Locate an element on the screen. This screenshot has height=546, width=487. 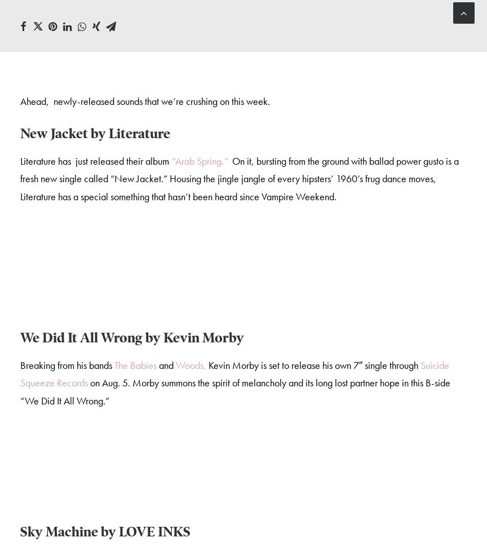
'We Did It All Wrong by Kevin Morby' is located at coordinates (132, 339).